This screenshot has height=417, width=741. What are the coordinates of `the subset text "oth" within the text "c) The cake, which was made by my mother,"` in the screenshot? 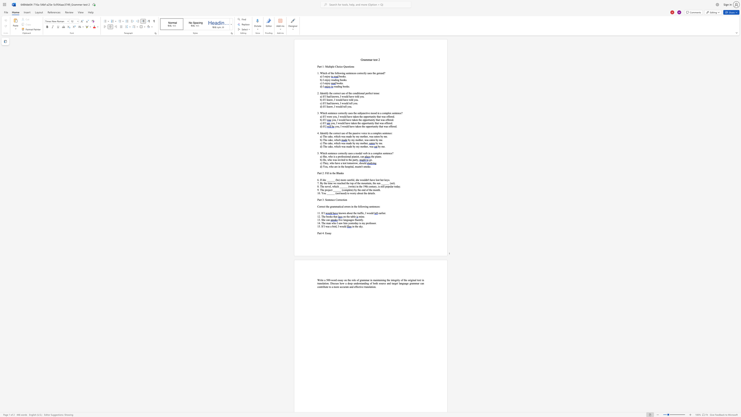 It's located at (362, 143).